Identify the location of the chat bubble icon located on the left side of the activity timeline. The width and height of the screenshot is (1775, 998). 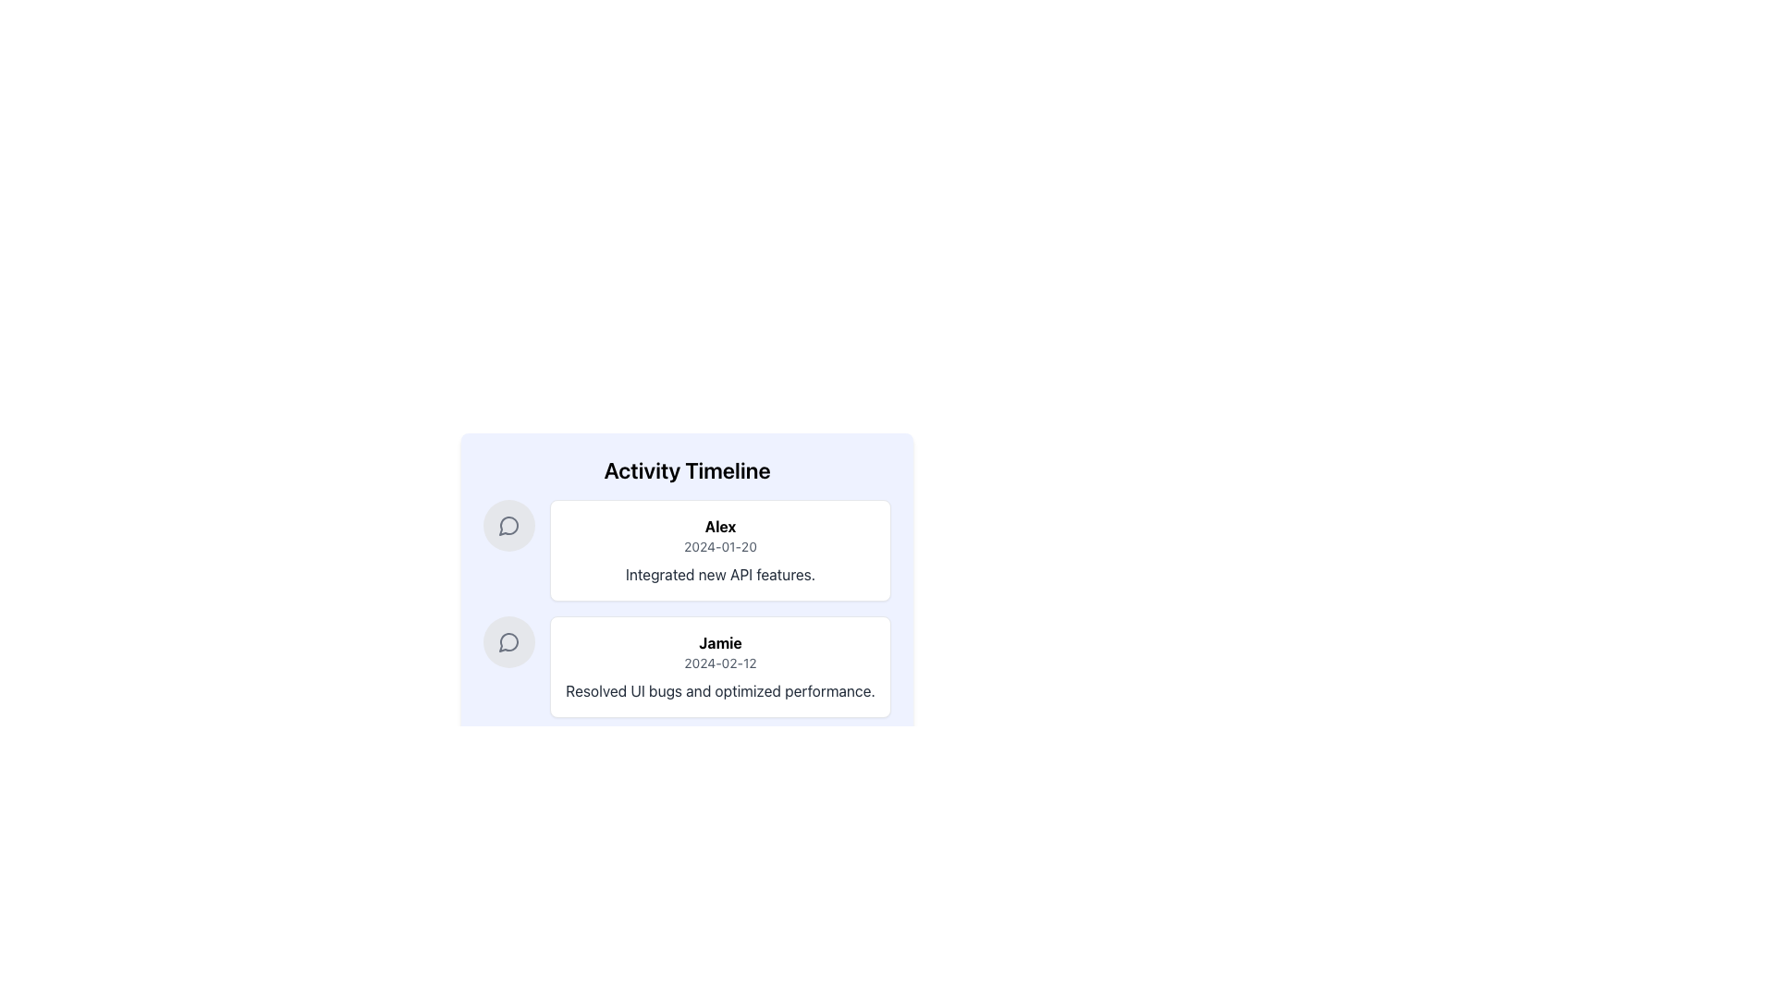
(508, 526).